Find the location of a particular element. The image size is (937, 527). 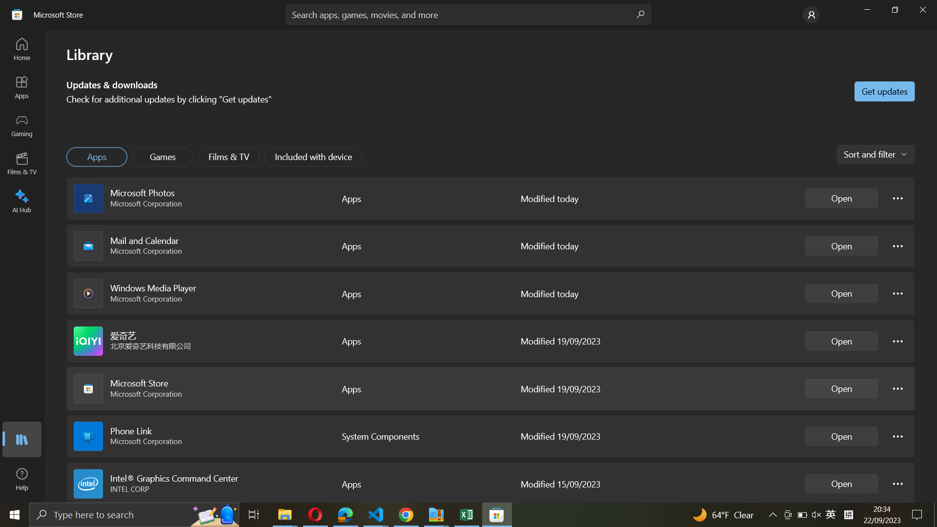

options for phone linking is located at coordinates (898, 435).